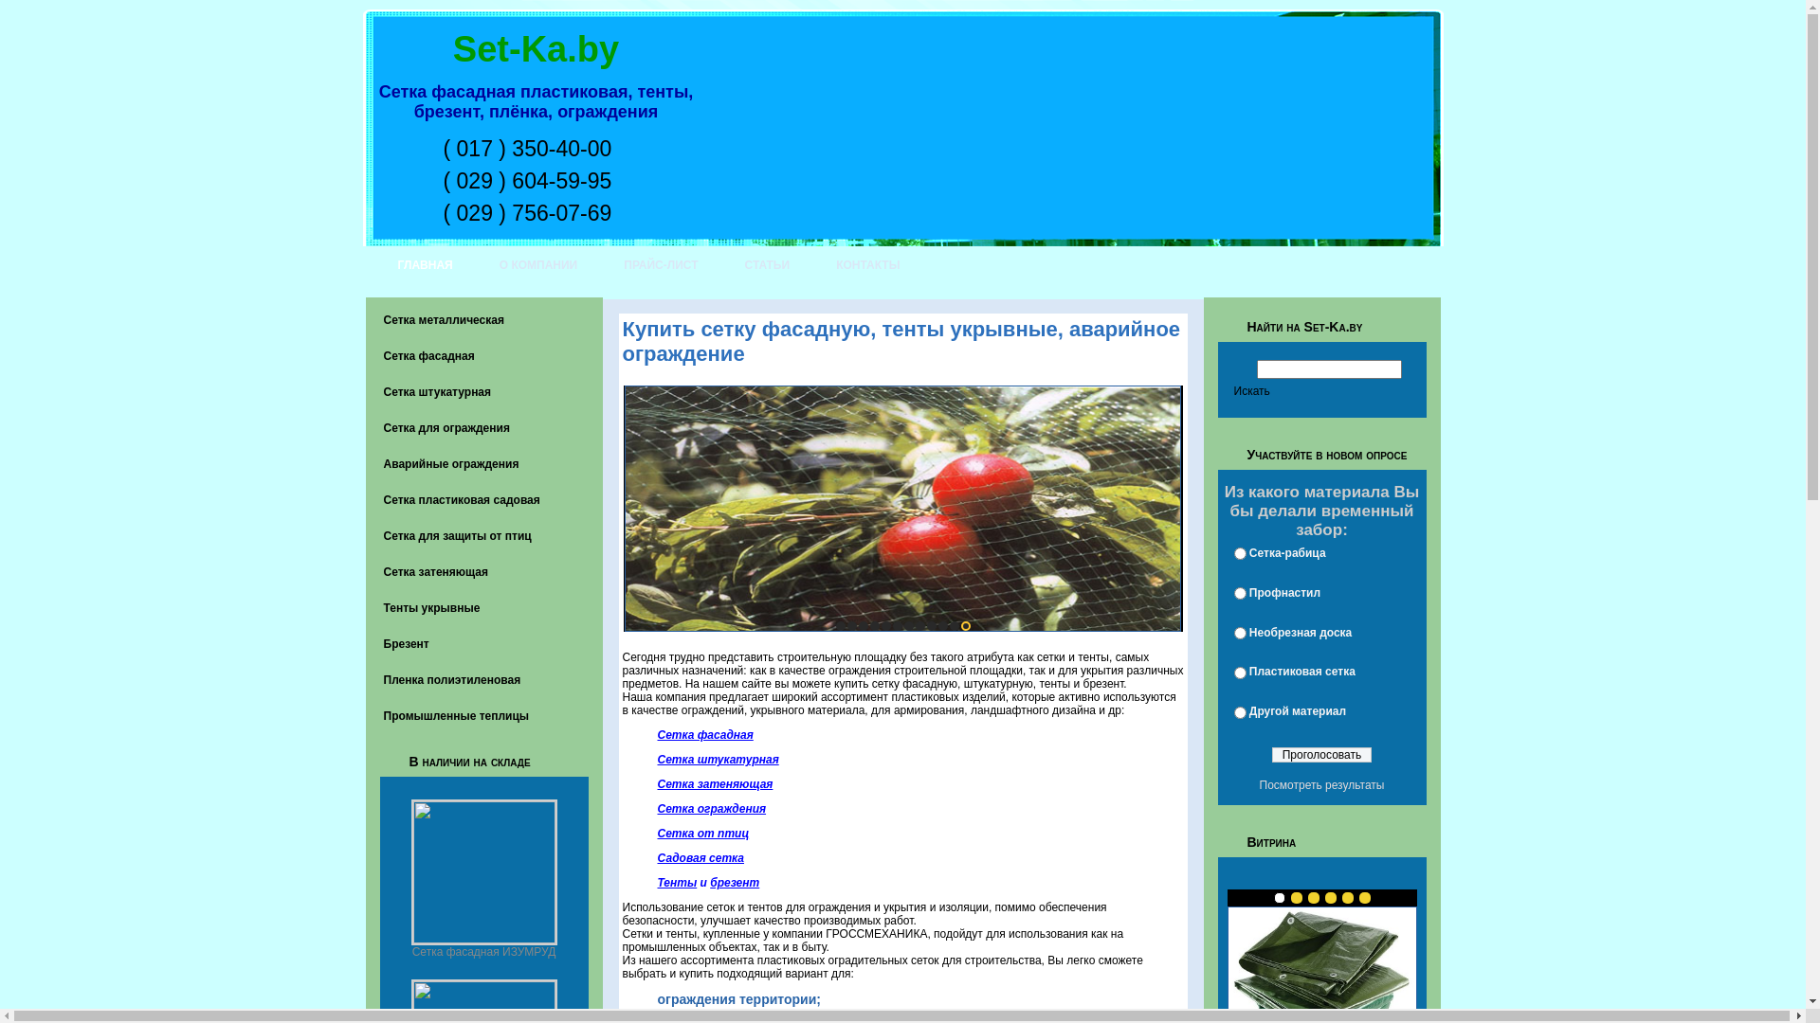  What do you see at coordinates (535, 47) in the screenshot?
I see `'Set-Ka.by'` at bounding box center [535, 47].